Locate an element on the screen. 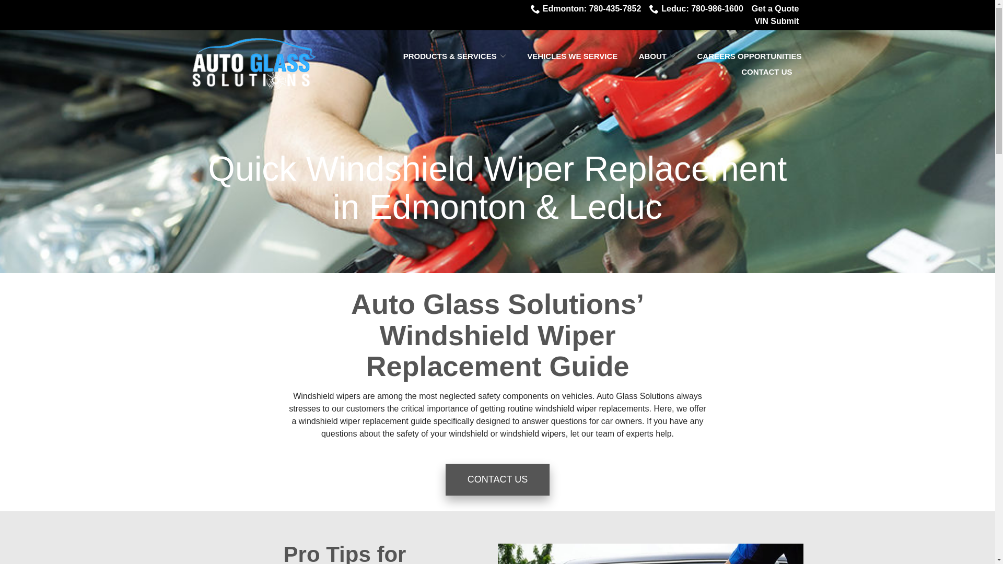  'CONTACT US' is located at coordinates (497, 479).